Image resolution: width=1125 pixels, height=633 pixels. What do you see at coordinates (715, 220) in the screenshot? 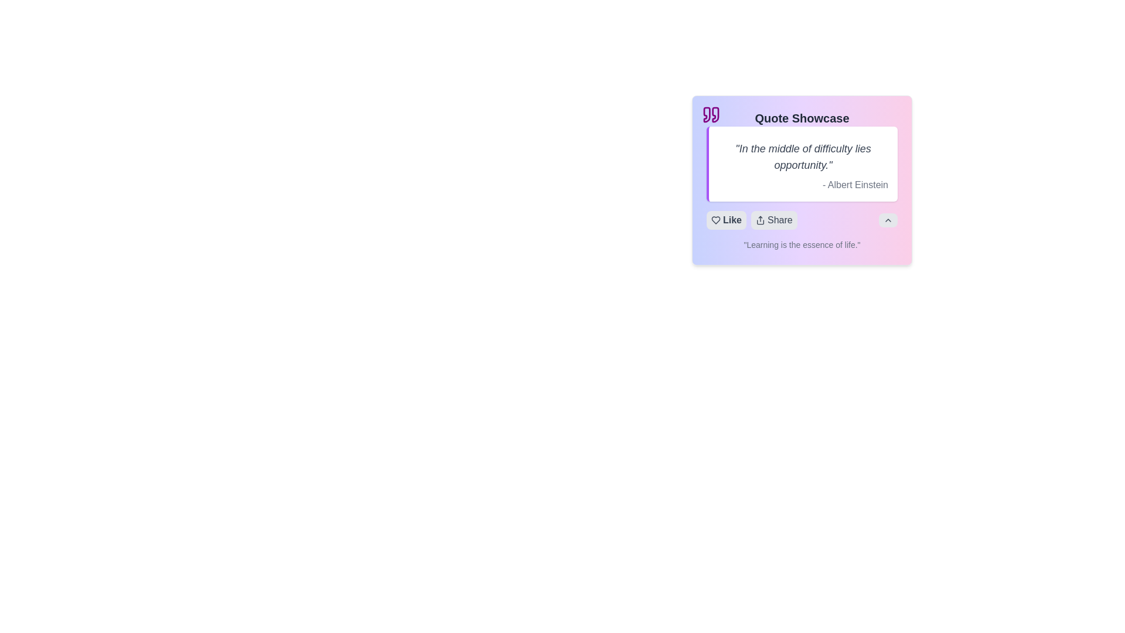
I see `the SVG heart icon element, which is styled with strokes and no fill` at bounding box center [715, 220].